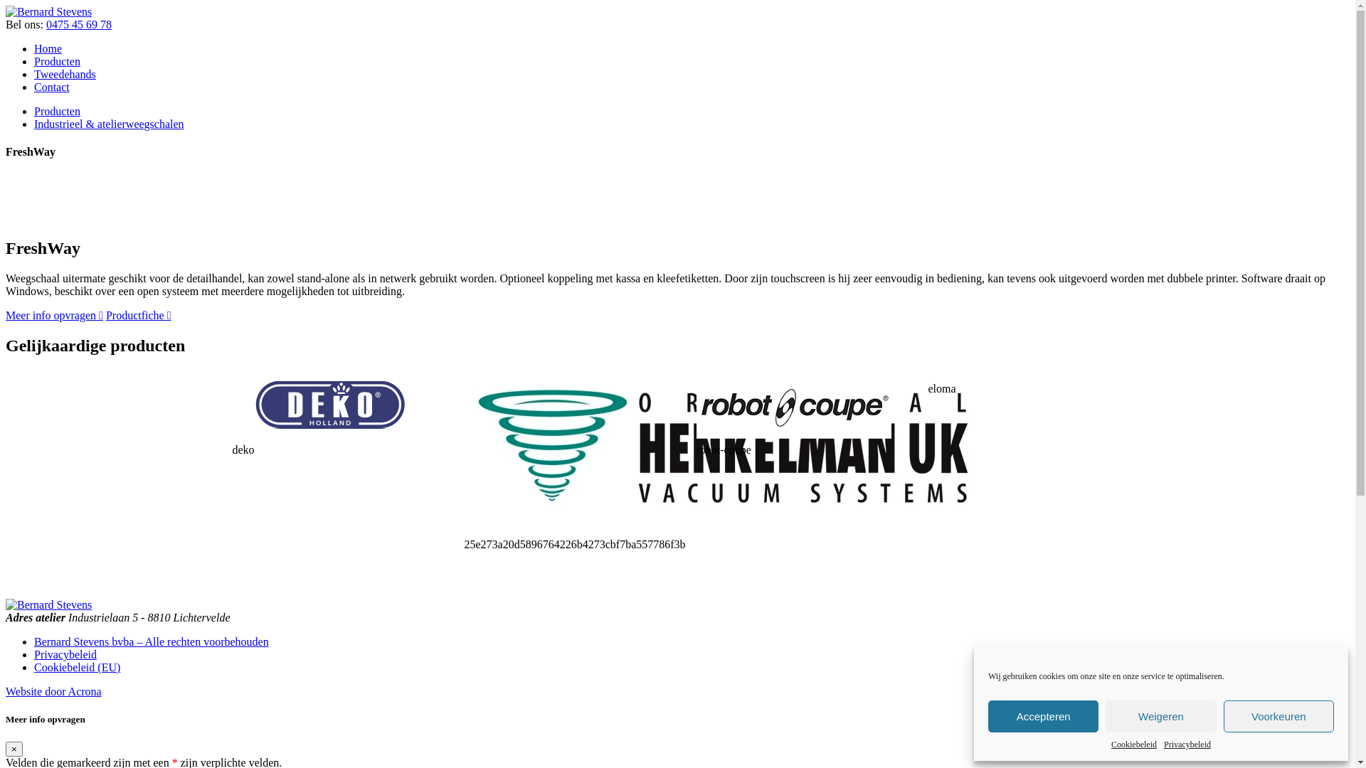 Image resolution: width=1366 pixels, height=768 pixels. What do you see at coordinates (48, 11) in the screenshot?
I see `'Bernard Stevens'` at bounding box center [48, 11].